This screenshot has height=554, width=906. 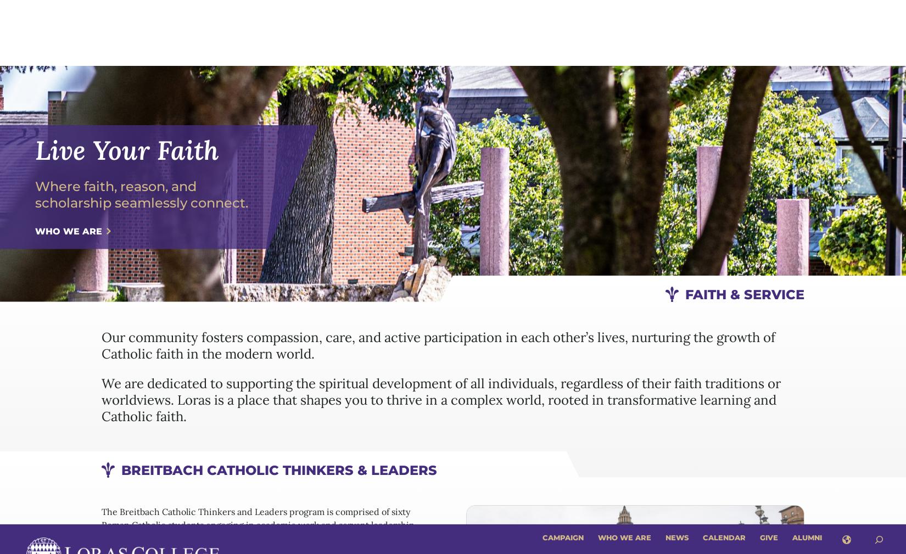 What do you see at coordinates (450, 48) in the screenshot?
I see `'Academics'` at bounding box center [450, 48].